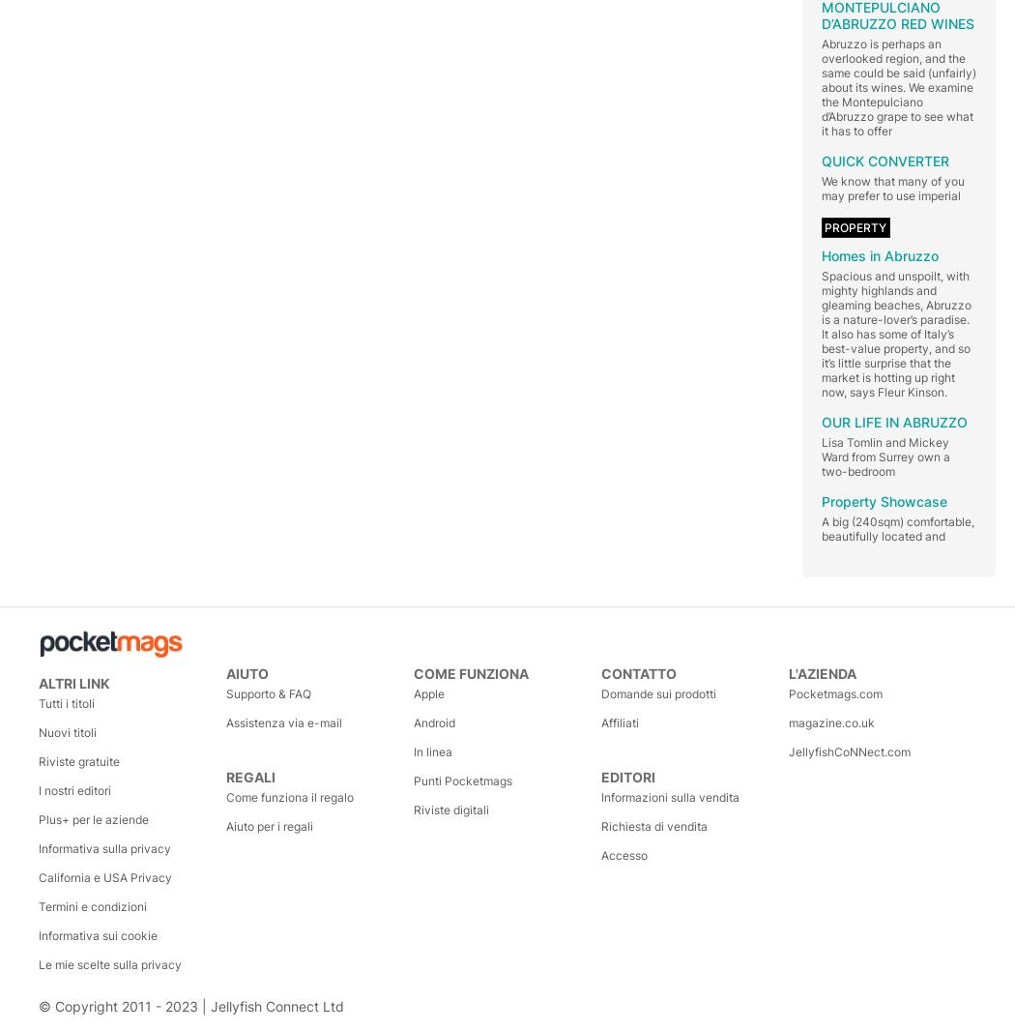 This screenshot has height=1031, width=1015. I want to click on 'Contatto', so click(637, 671).